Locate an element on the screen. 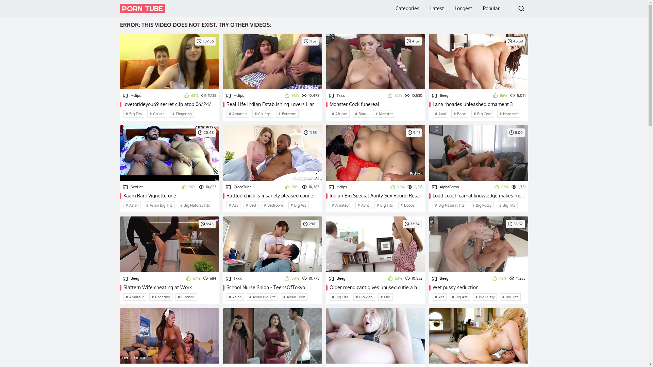  'Loud couch carnal knowledge makes mommy lose her mind' is located at coordinates (478, 195).